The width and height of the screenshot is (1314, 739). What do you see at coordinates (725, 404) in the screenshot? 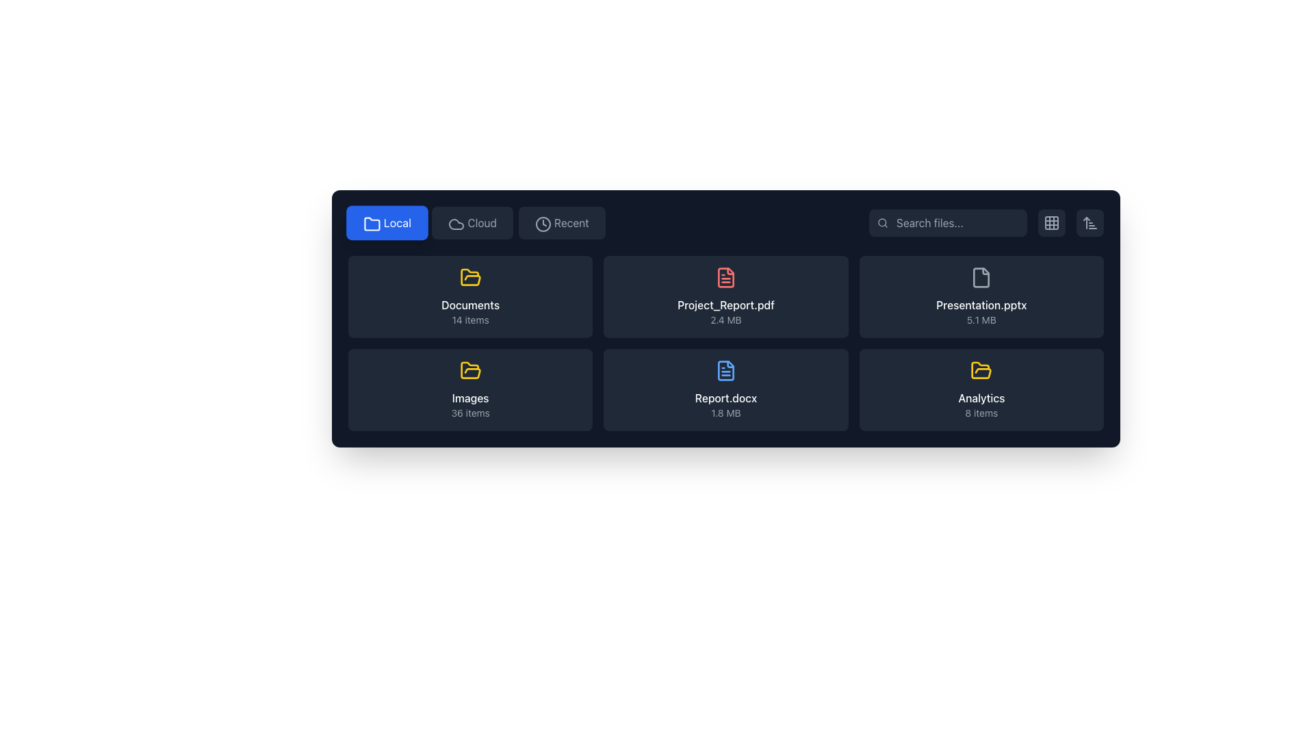
I see `the Text label that provides information about the file, located directly below the document icon in the middle row, second column of a six-element grid` at bounding box center [725, 404].